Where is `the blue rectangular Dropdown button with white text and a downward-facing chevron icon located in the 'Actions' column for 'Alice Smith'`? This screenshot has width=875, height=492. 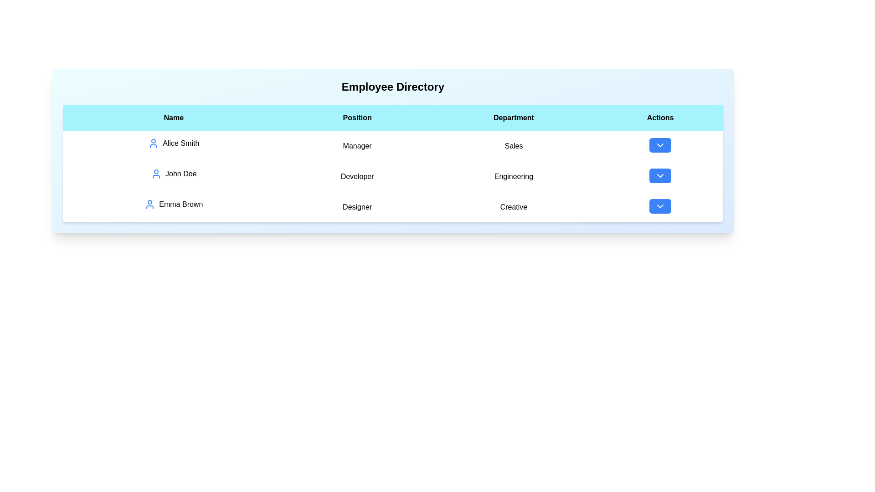 the blue rectangular Dropdown button with white text and a downward-facing chevron icon located in the 'Actions' column for 'Alice Smith' is located at coordinates (660, 145).